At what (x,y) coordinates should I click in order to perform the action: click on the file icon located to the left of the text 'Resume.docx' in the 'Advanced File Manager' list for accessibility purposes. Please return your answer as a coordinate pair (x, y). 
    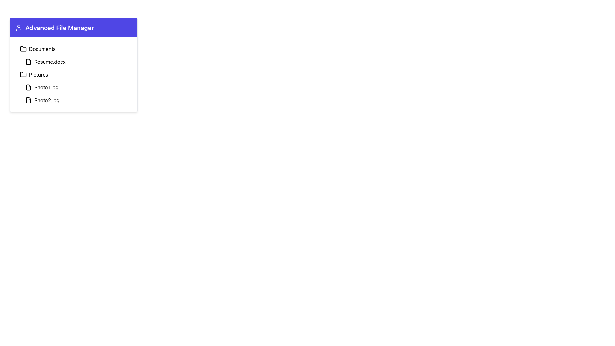
    Looking at the image, I should click on (28, 62).